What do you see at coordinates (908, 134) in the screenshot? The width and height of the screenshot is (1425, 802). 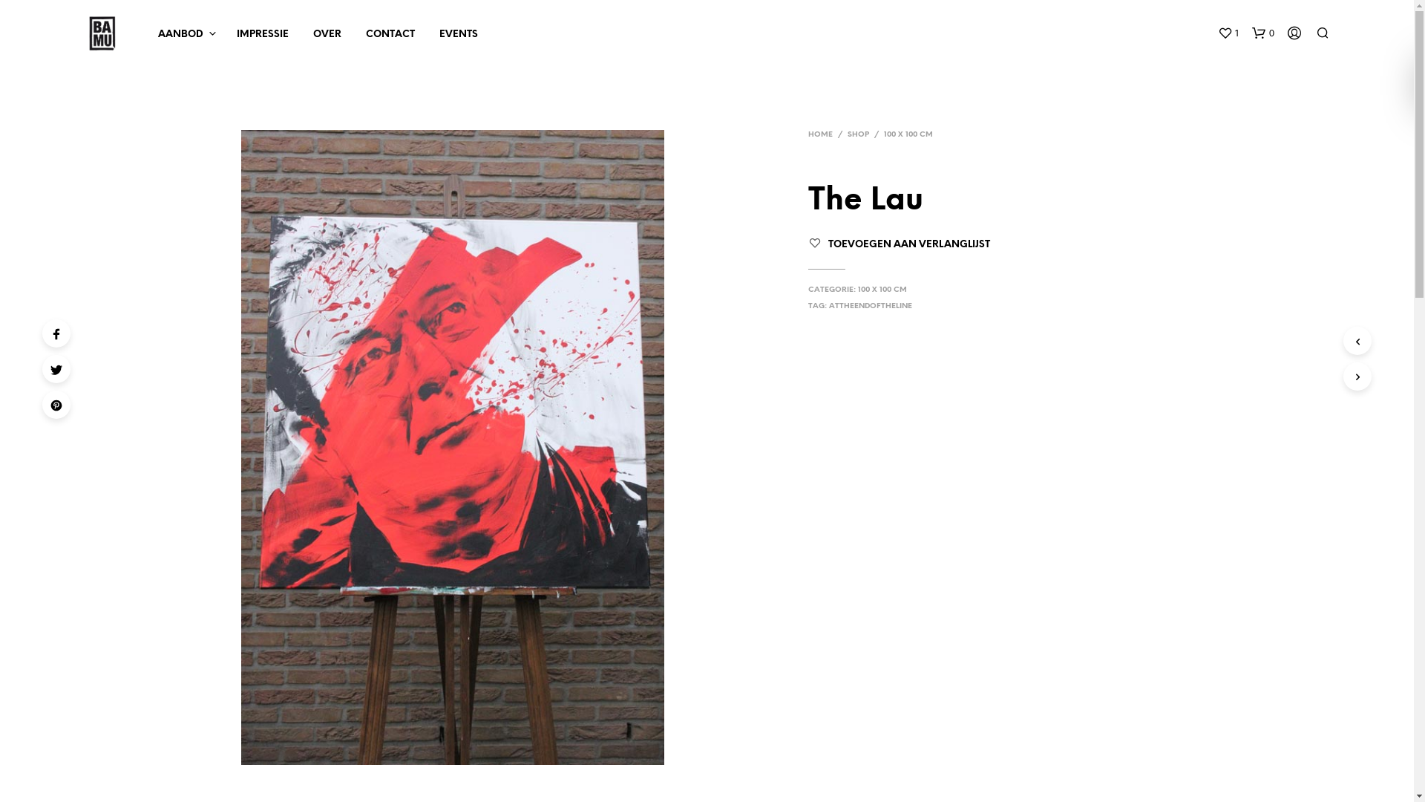 I see `'100 X 100 CM'` at bounding box center [908, 134].